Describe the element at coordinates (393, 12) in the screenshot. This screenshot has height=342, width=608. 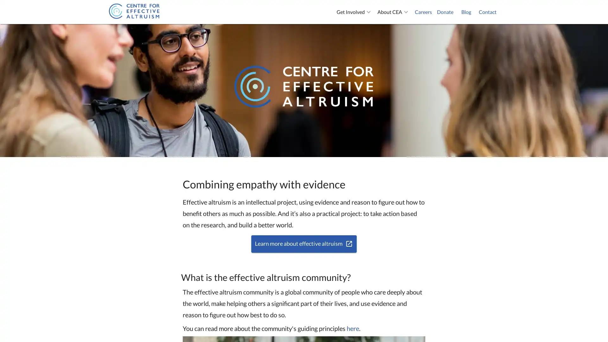
I see `About CEA` at that location.